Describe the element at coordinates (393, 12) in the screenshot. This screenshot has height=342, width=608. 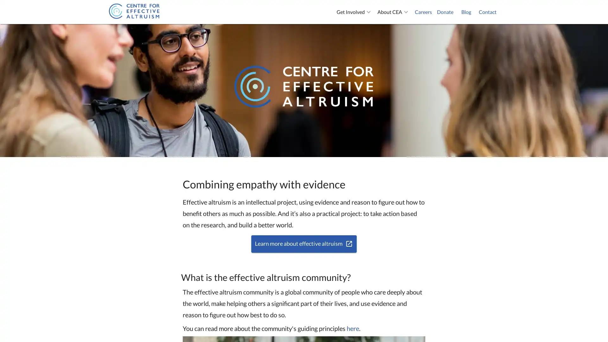
I see `About CEA` at that location.